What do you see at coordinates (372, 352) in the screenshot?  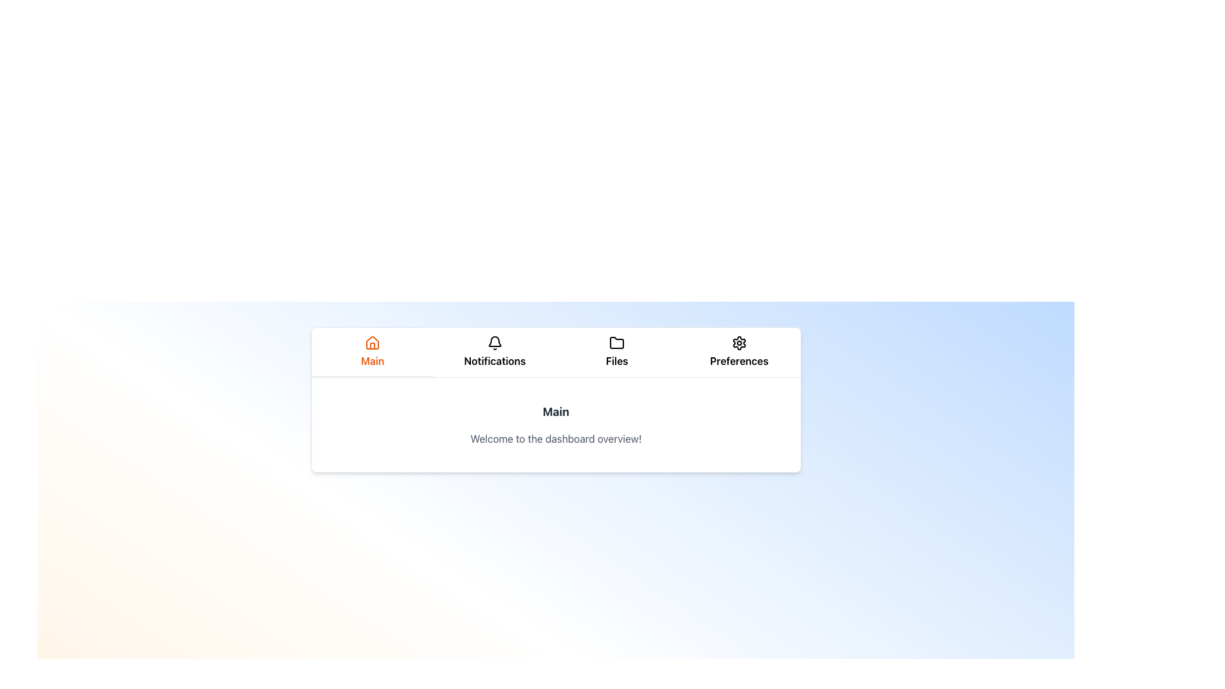 I see `the leftmost navigation button with an icon and supporting text` at bounding box center [372, 352].